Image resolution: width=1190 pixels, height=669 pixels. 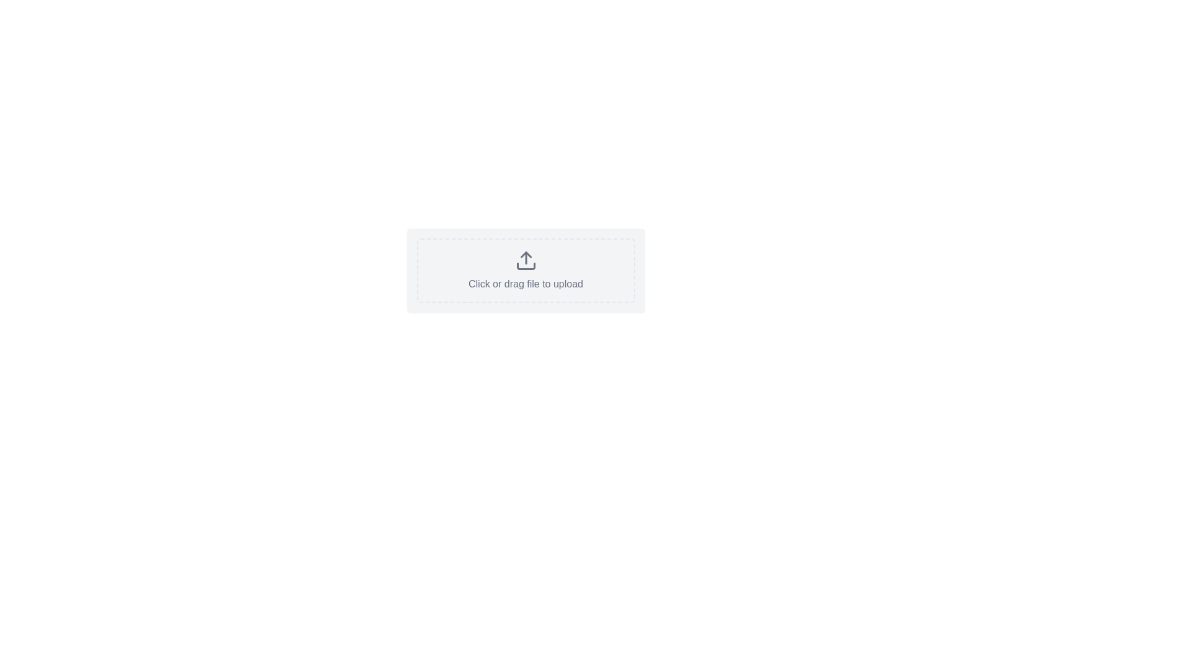 What do you see at coordinates (526, 269) in the screenshot?
I see `a file onto the file upload area, which is a rectangular zone with a soft gray background and dashed border, featuring an upward arrow icon and the text 'Click or drag file` at bounding box center [526, 269].